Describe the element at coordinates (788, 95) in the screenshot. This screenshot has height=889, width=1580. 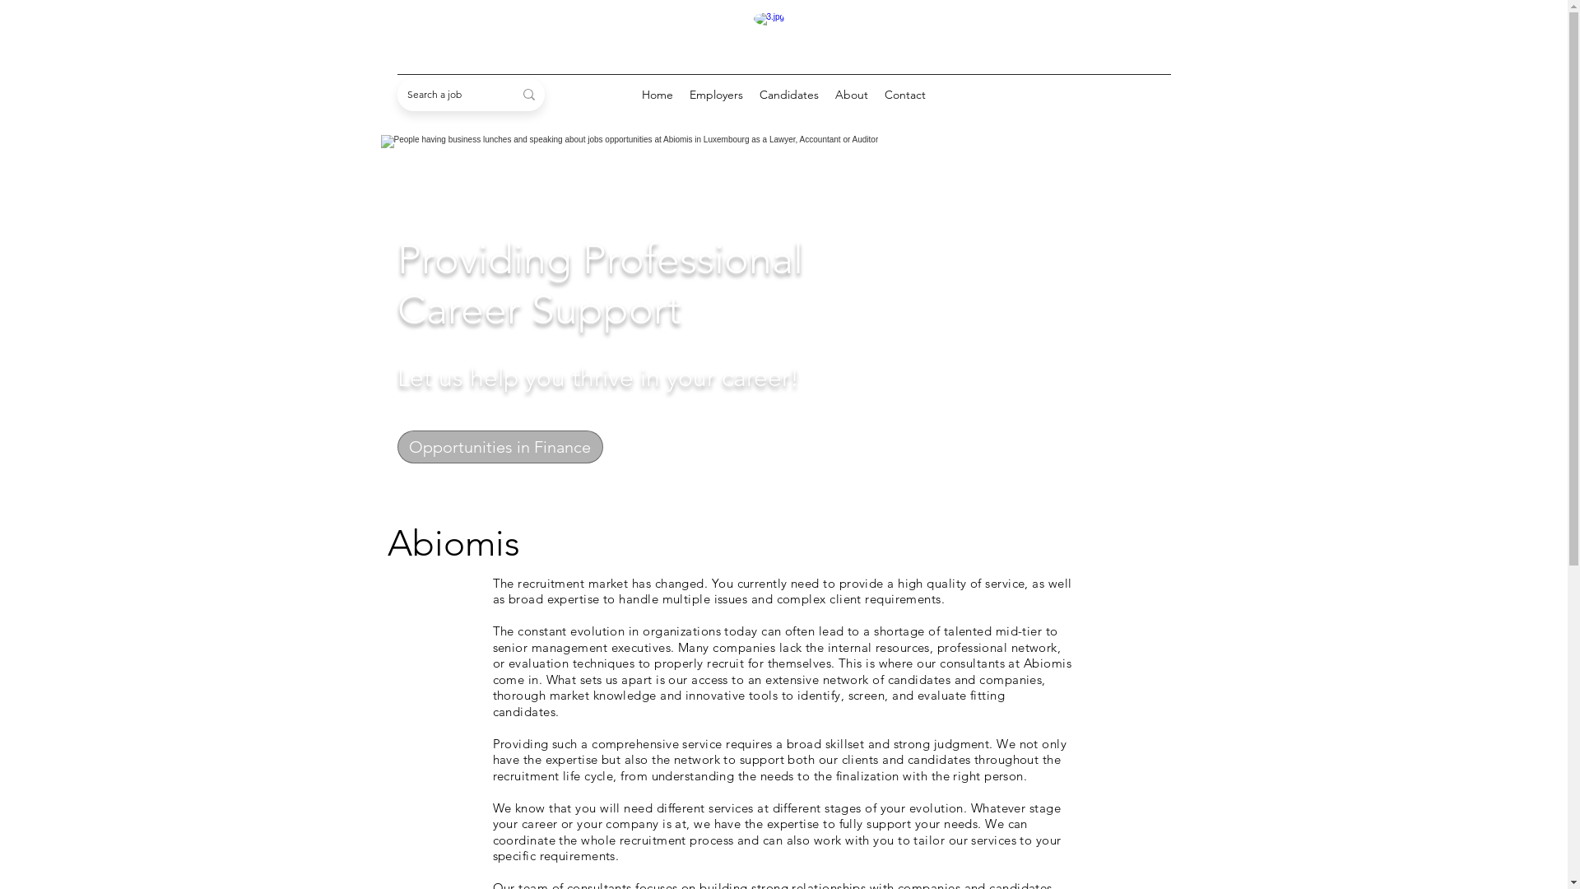
I see `'Candidates'` at that location.